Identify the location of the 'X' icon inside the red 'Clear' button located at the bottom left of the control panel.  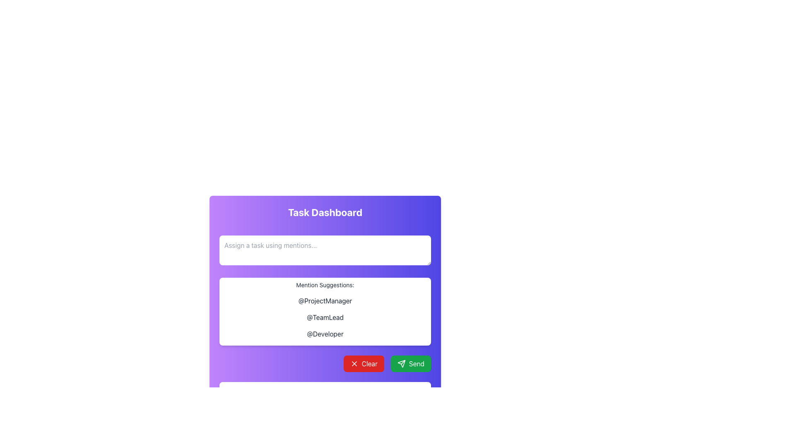
(354, 363).